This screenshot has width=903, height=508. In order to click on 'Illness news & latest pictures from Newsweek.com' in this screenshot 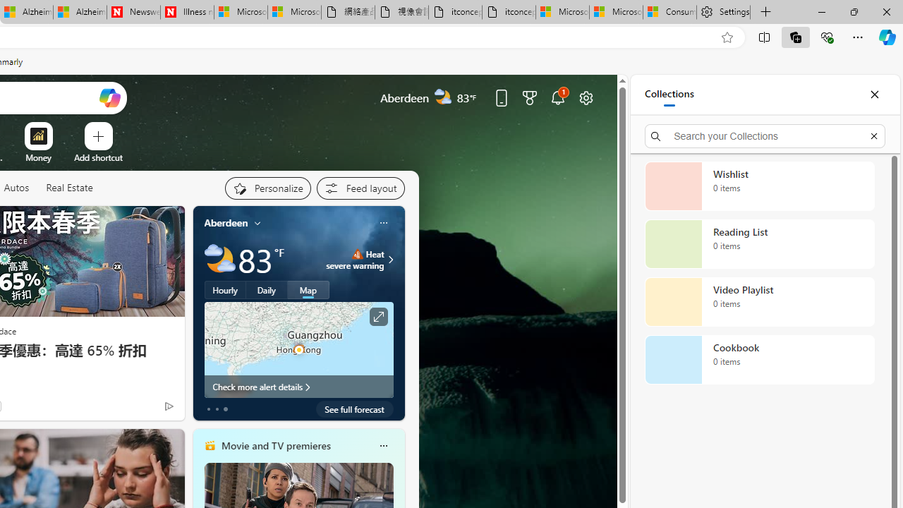, I will do `click(186, 12)`.